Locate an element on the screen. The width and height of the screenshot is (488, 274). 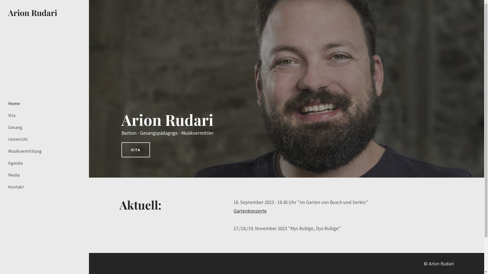
'Media' is located at coordinates (16, 175).